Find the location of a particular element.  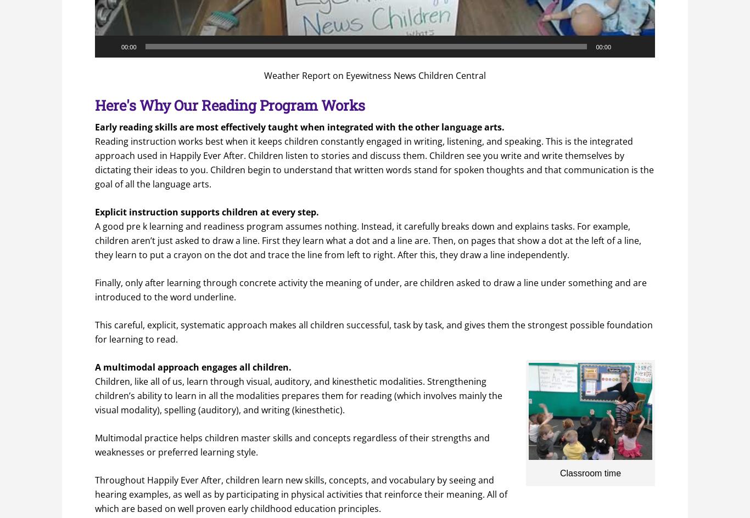

'Throughout Happily Ever After, children learn new skills, concepts, and vocabulary by seeing and hearing examples, as well as by participating in physical activities that reinforce their meaning. All of which are based on well proven early childhood education principles.' is located at coordinates (301, 493).